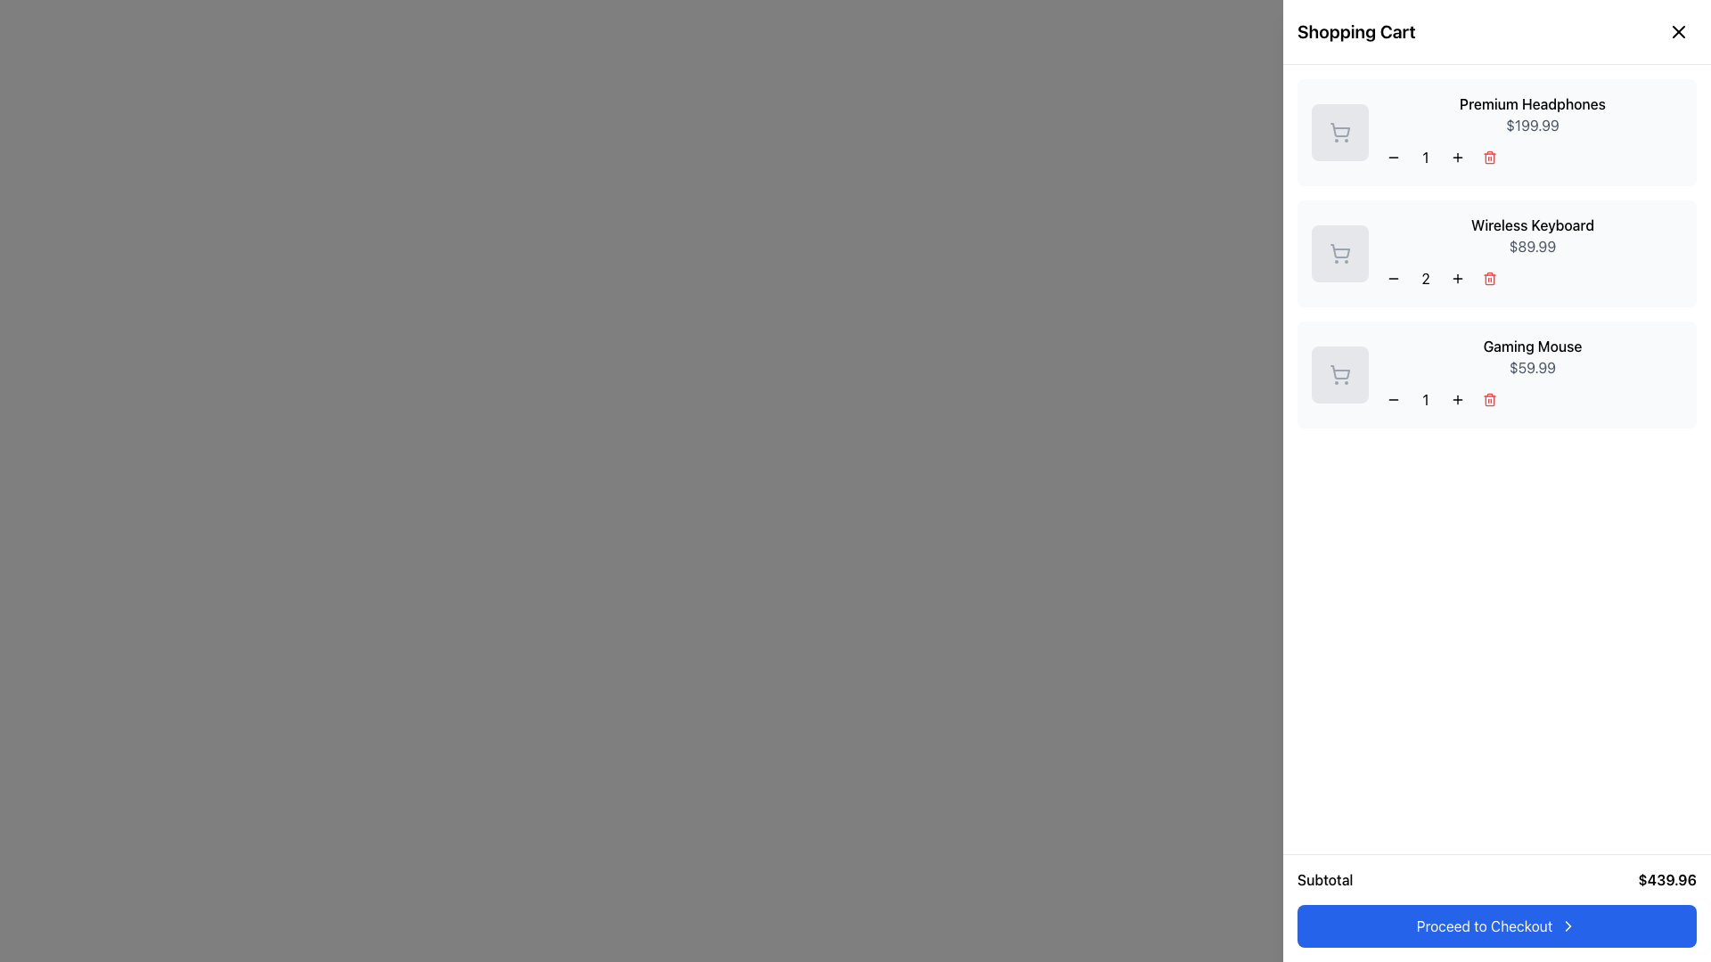 The image size is (1711, 962). What do you see at coordinates (1339, 373) in the screenshot?
I see `the decorative shopping cart icon located in the leftmost part of the 'Gaming Mouse' section of the shopping cart interface` at bounding box center [1339, 373].